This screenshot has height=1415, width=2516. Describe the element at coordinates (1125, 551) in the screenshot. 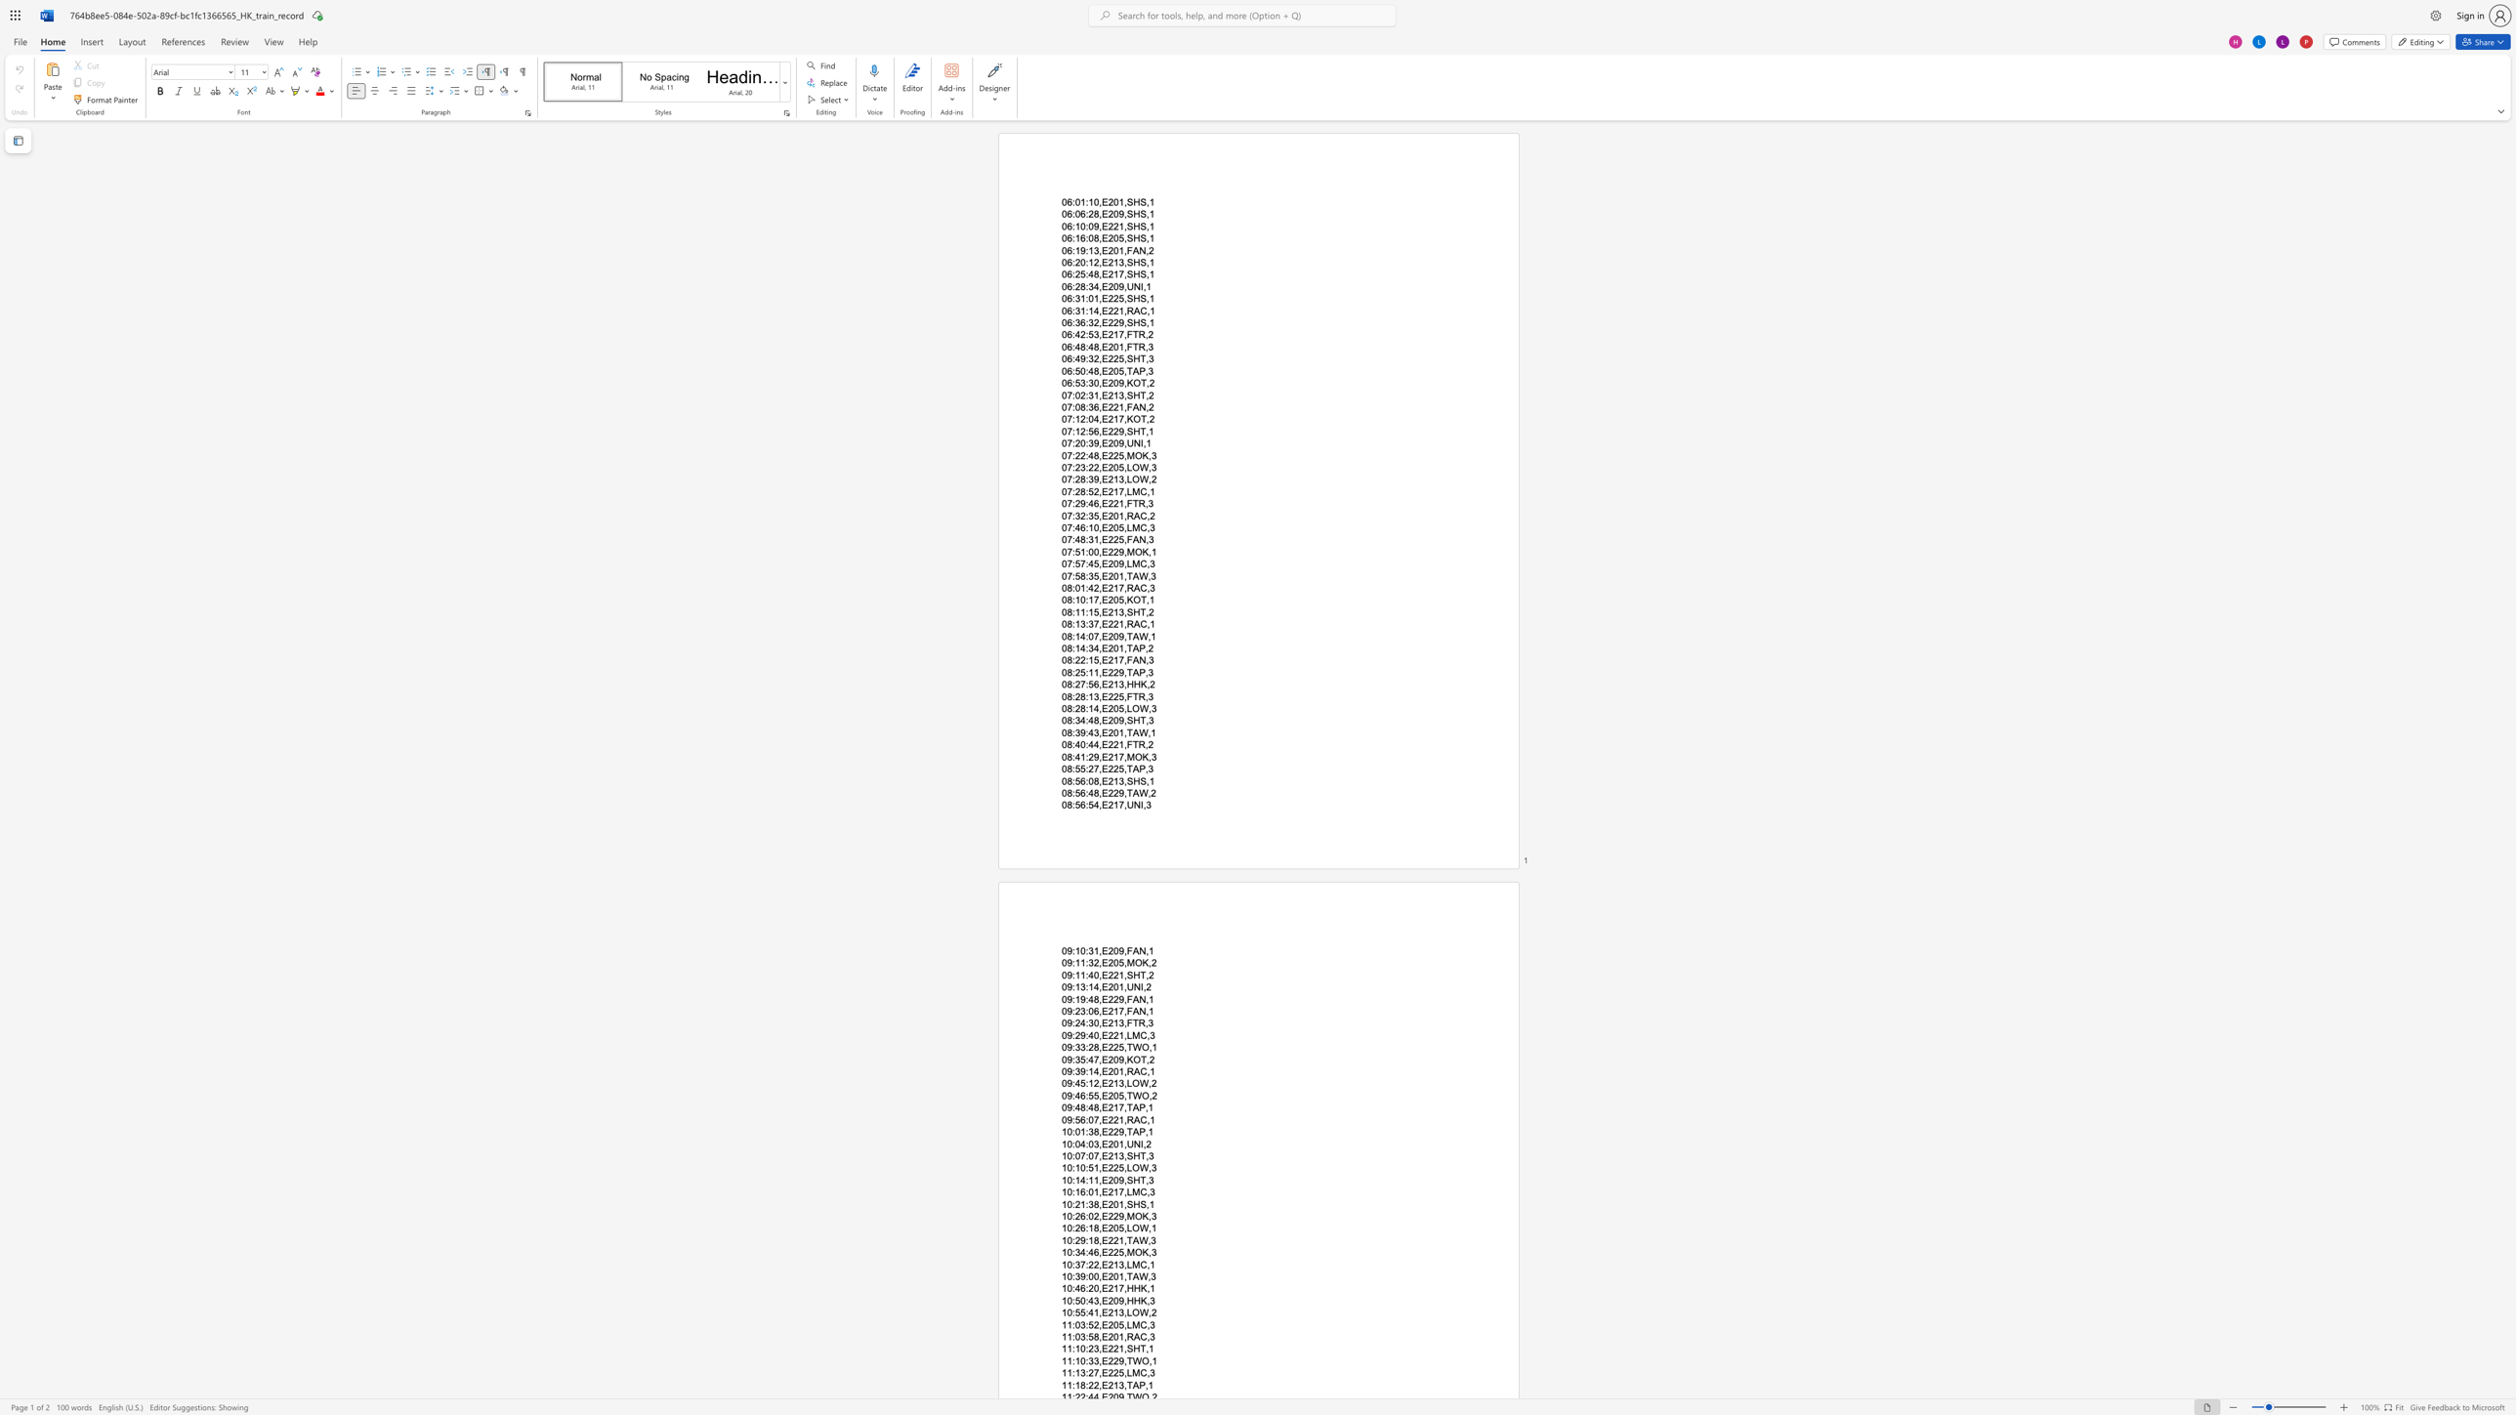

I see `the subset text "MO" within the text "07:51:00,E229,MOK,1"` at that location.